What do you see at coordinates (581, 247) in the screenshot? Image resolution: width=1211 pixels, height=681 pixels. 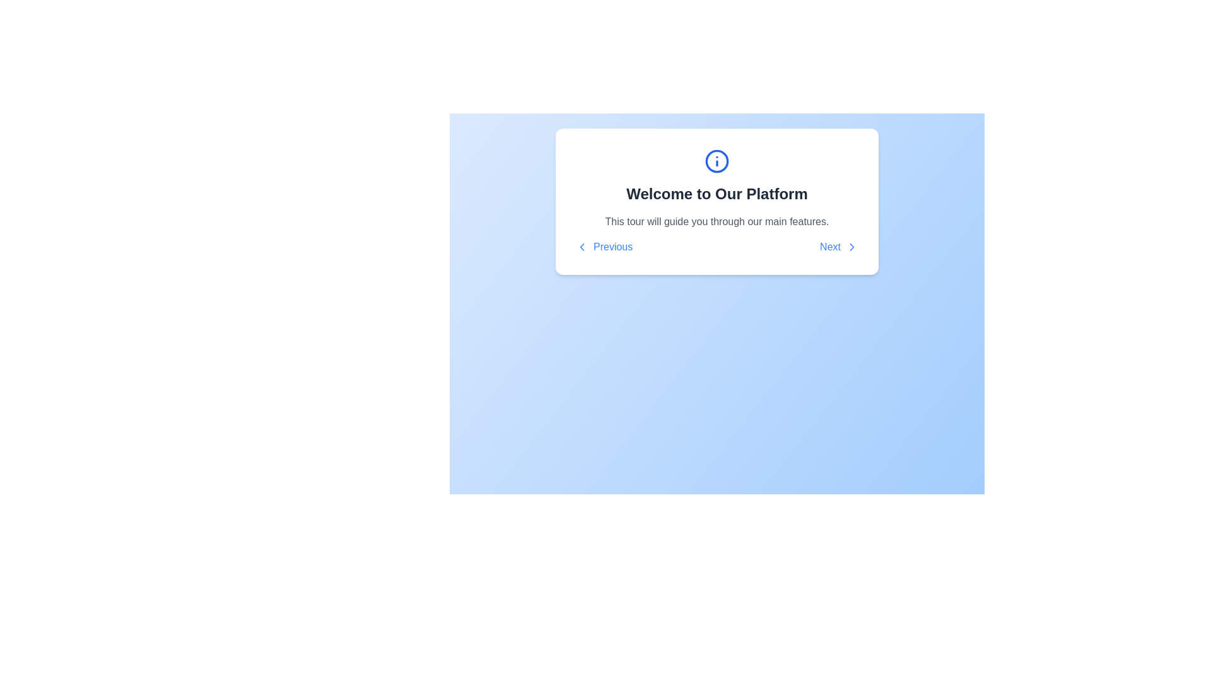 I see `the 'Previous' navigation icon located at the bottom-left corner of the card` at bounding box center [581, 247].